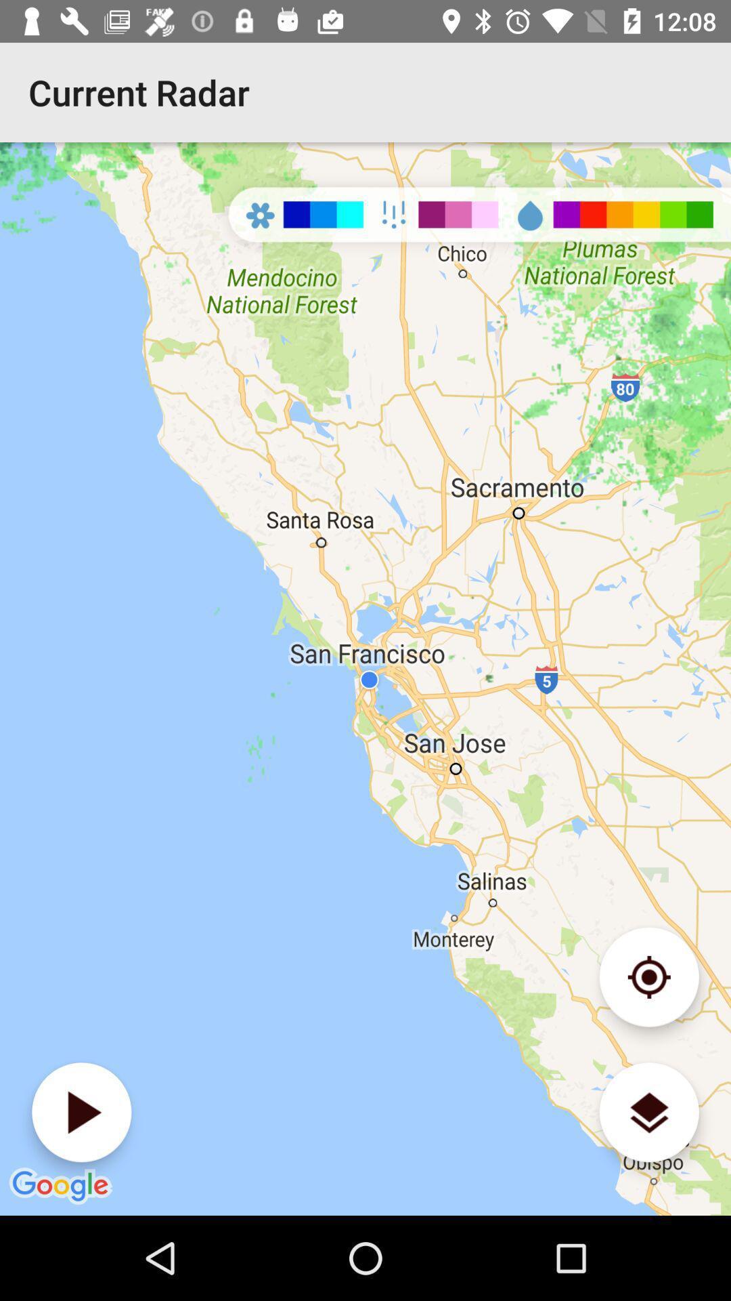 The image size is (731, 1301). What do you see at coordinates (81, 1112) in the screenshot?
I see `plays back the radar data` at bounding box center [81, 1112].